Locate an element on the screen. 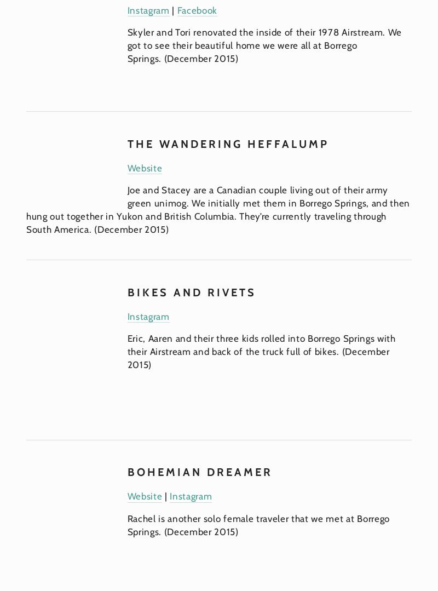  'Joe and Stacey are a Canadian couple living out of their army green unimog. We initially met them in Borrego Springs, and then hung out together in Yukon and British Columbia. They’re currently traveling through South America. (December 2015)' is located at coordinates (219, 209).